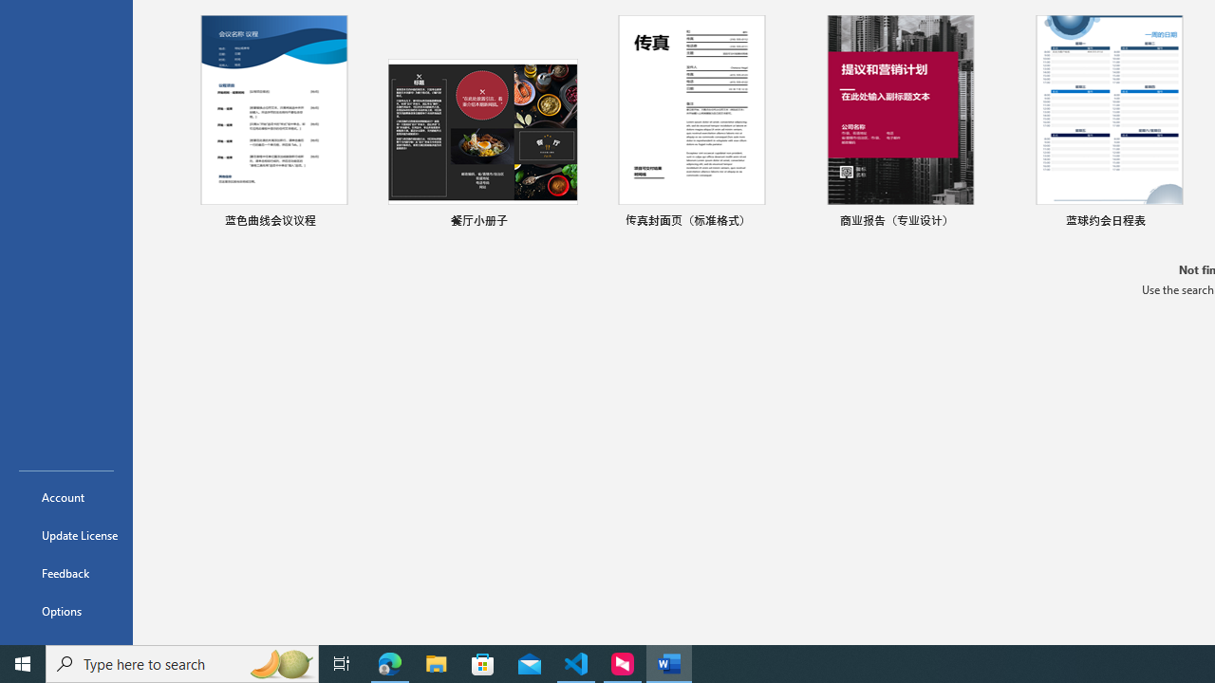 The image size is (1215, 683). Describe the element at coordinates (1190, 222) in the screenshot. I see `'Pin to list'` at that location.